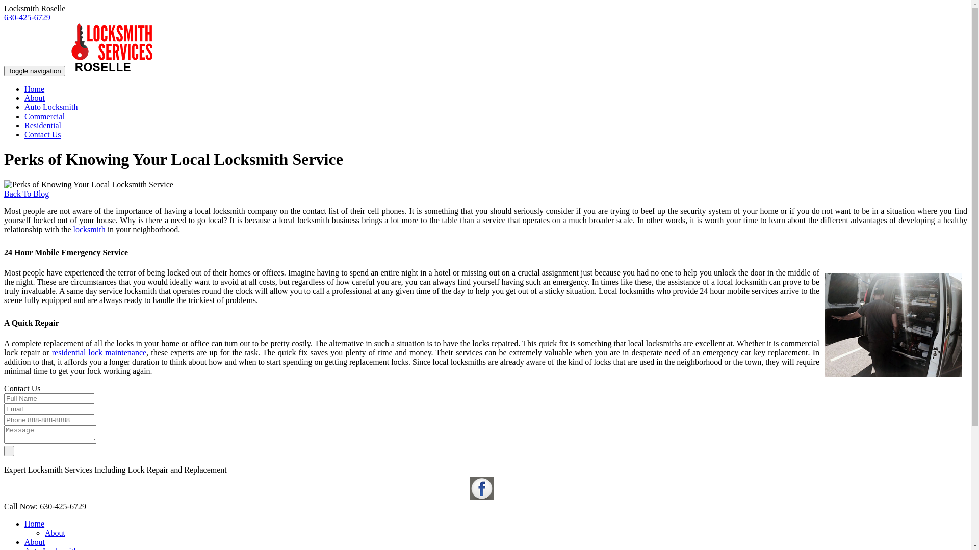  What do you see at coordinates (34, 541) in the screenshot?
I see `'About'` at bounding box center [34, 541].